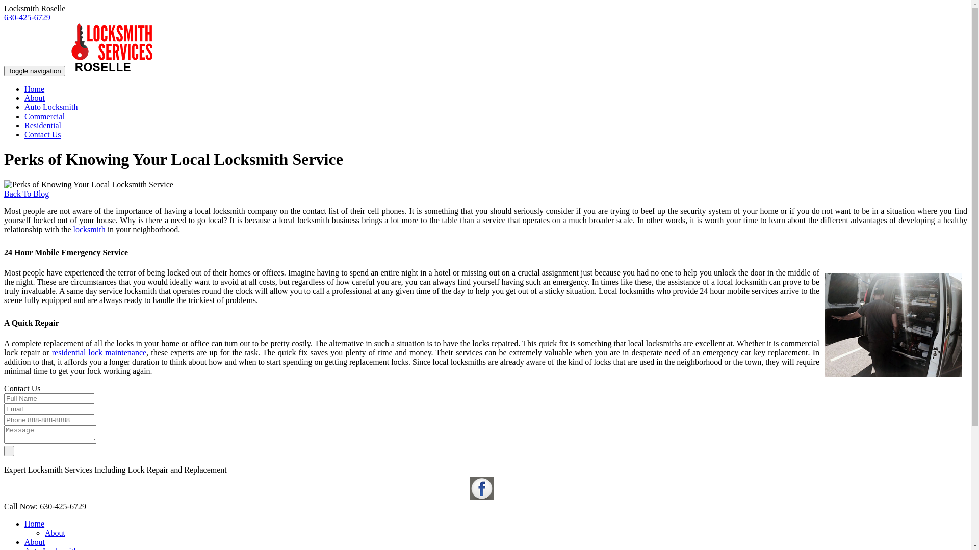  What do you see at coordinates (34, 541) in the screenshot?
I see `'About'` at bounding box center [34, 541].